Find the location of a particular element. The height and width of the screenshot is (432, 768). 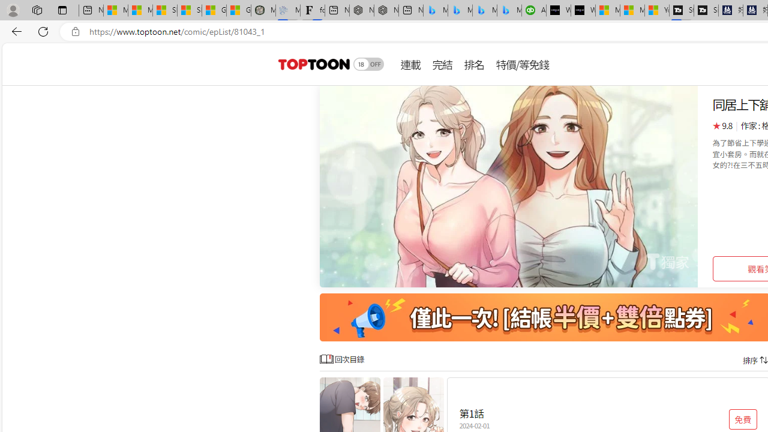

'Class: swiper-slide' is located at coordinates (509, 187).